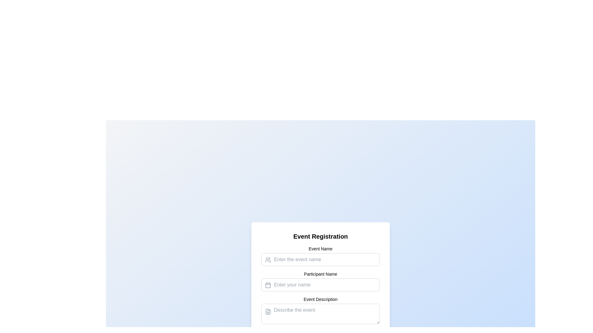 The image size is (593, 333). What do you see at coordinates (268, 285) in the screenshot?
I see `the decorative visual element within the calendar icon, which enhances the input field for participant name entry in the Event Registration interface` at bounding box center [268, 285].